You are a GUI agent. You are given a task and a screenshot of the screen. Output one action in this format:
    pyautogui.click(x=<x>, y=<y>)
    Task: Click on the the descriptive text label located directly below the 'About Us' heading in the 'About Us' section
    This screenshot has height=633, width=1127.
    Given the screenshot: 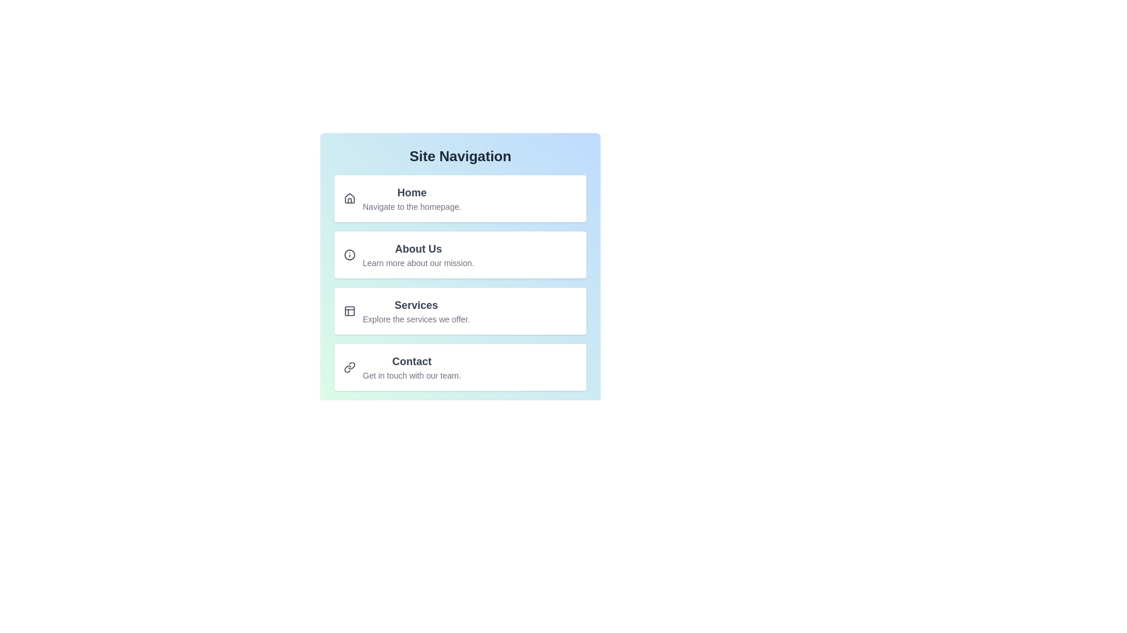 What is the action you would take?
    pyautogui.click(x=418, y=262)
    